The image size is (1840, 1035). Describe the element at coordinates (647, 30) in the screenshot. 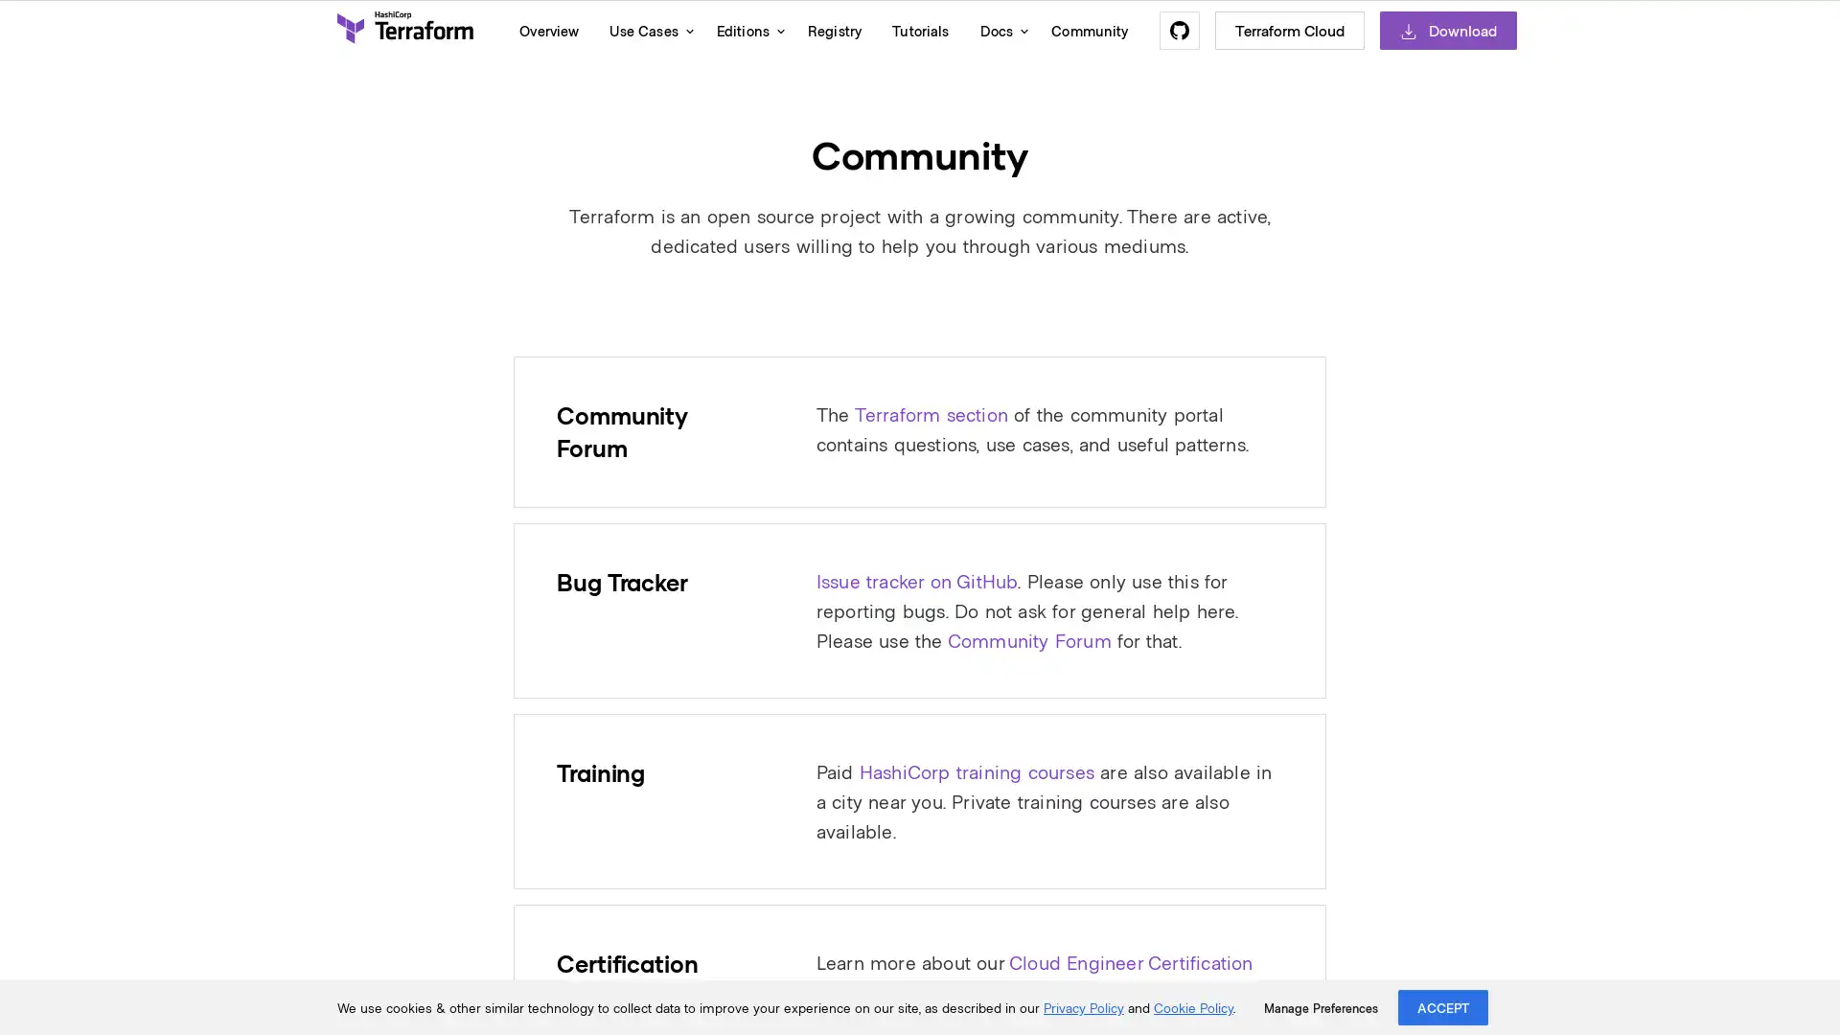

I see `Use Cases` at that location.